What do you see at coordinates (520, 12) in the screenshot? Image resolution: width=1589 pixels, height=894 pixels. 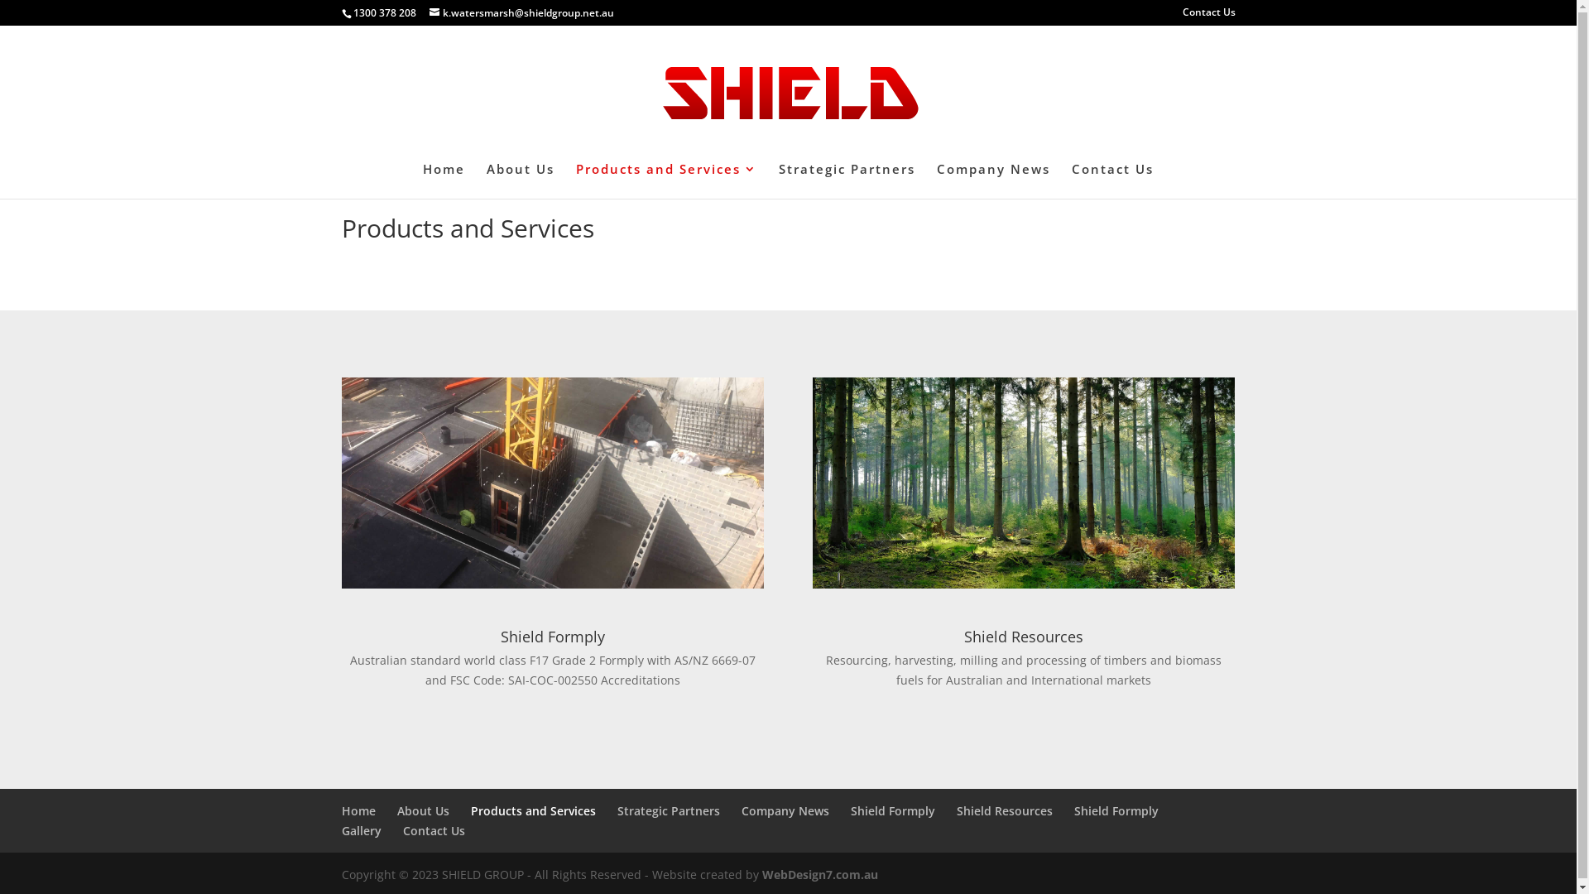 I see `'k.watersmarsh@shieldgroup.net.au'` at bounding box center [520, 12].